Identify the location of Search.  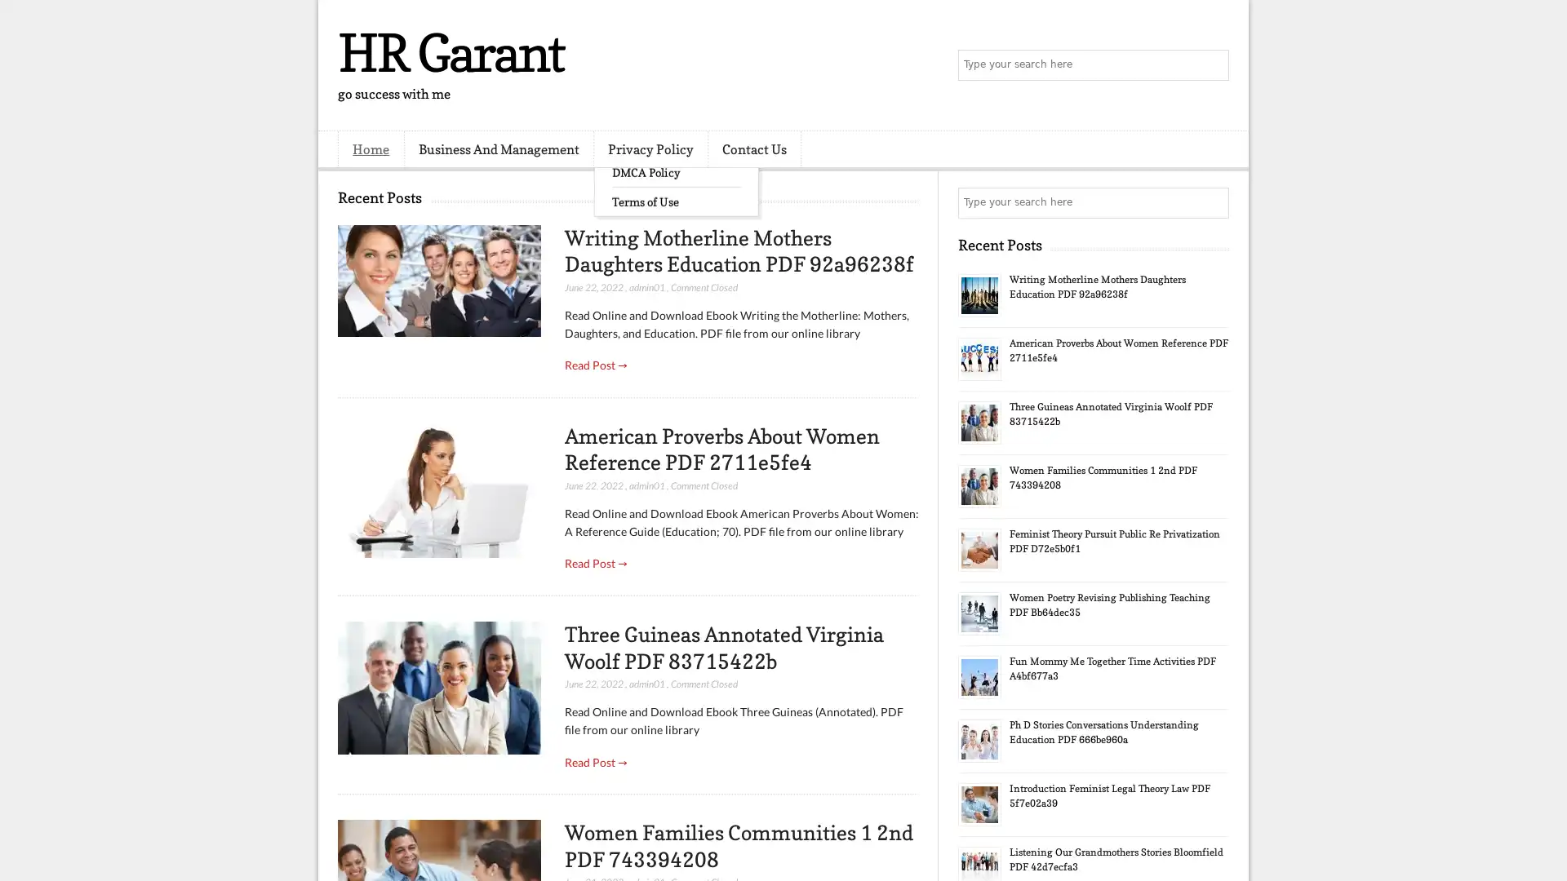
(1212, 65).